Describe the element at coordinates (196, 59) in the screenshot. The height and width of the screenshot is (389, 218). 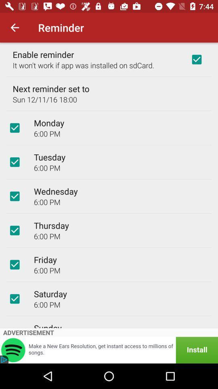
I see `enable button` at that location.